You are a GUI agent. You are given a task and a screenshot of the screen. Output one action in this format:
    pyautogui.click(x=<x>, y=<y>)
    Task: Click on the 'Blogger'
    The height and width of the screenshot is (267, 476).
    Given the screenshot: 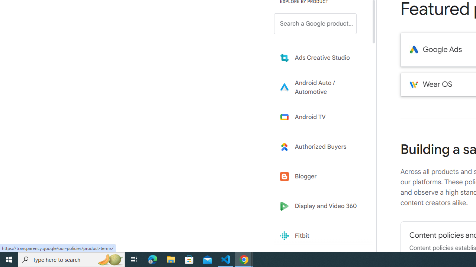 What is the action you would take?
    pyautogui.click(x=321, y=177)
    